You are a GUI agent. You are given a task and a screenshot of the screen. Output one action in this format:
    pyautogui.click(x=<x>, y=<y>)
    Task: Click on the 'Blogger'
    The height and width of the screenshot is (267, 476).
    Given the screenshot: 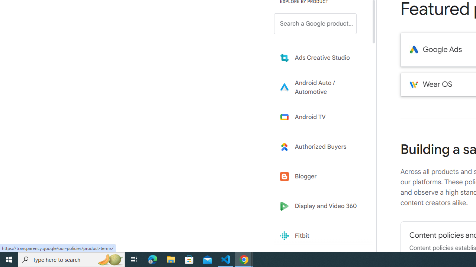 What is the action you would take?
    pyautogui.click(x=321, y=177)
    